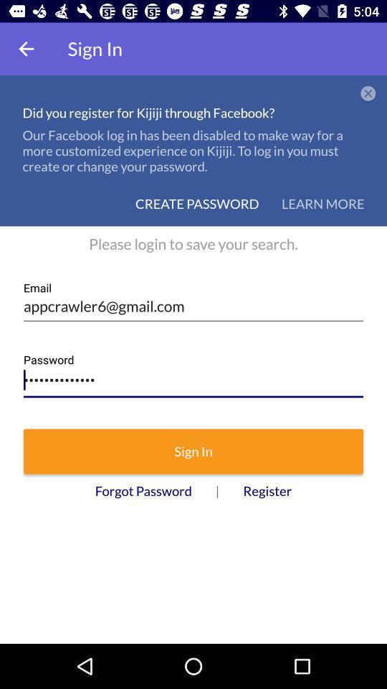  Describe the element at coordinates (143, 491) in the screenshot. I see `item next to | icon` at that location.